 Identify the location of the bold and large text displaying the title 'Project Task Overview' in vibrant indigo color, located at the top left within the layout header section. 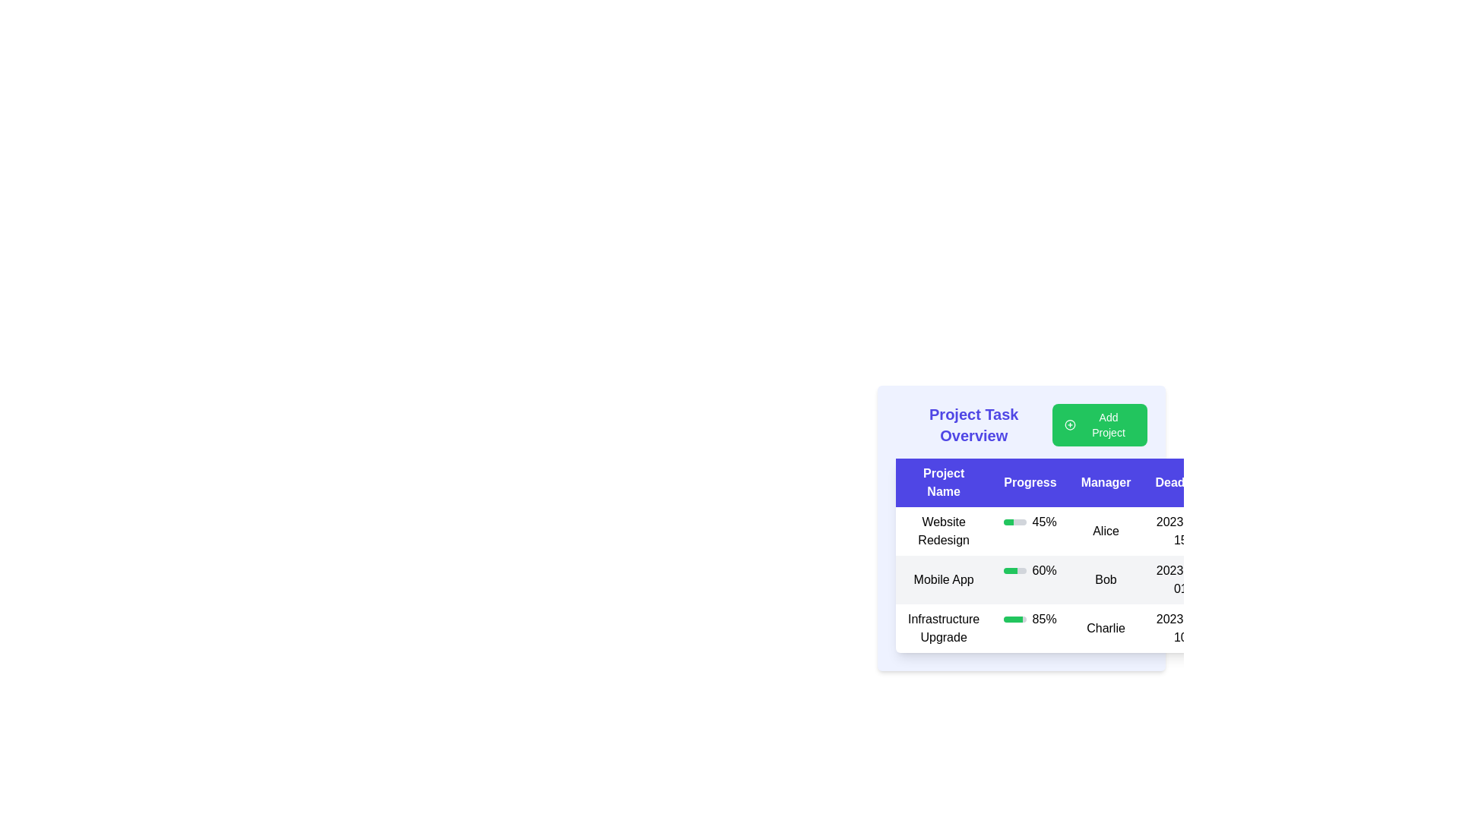
(973, 424).